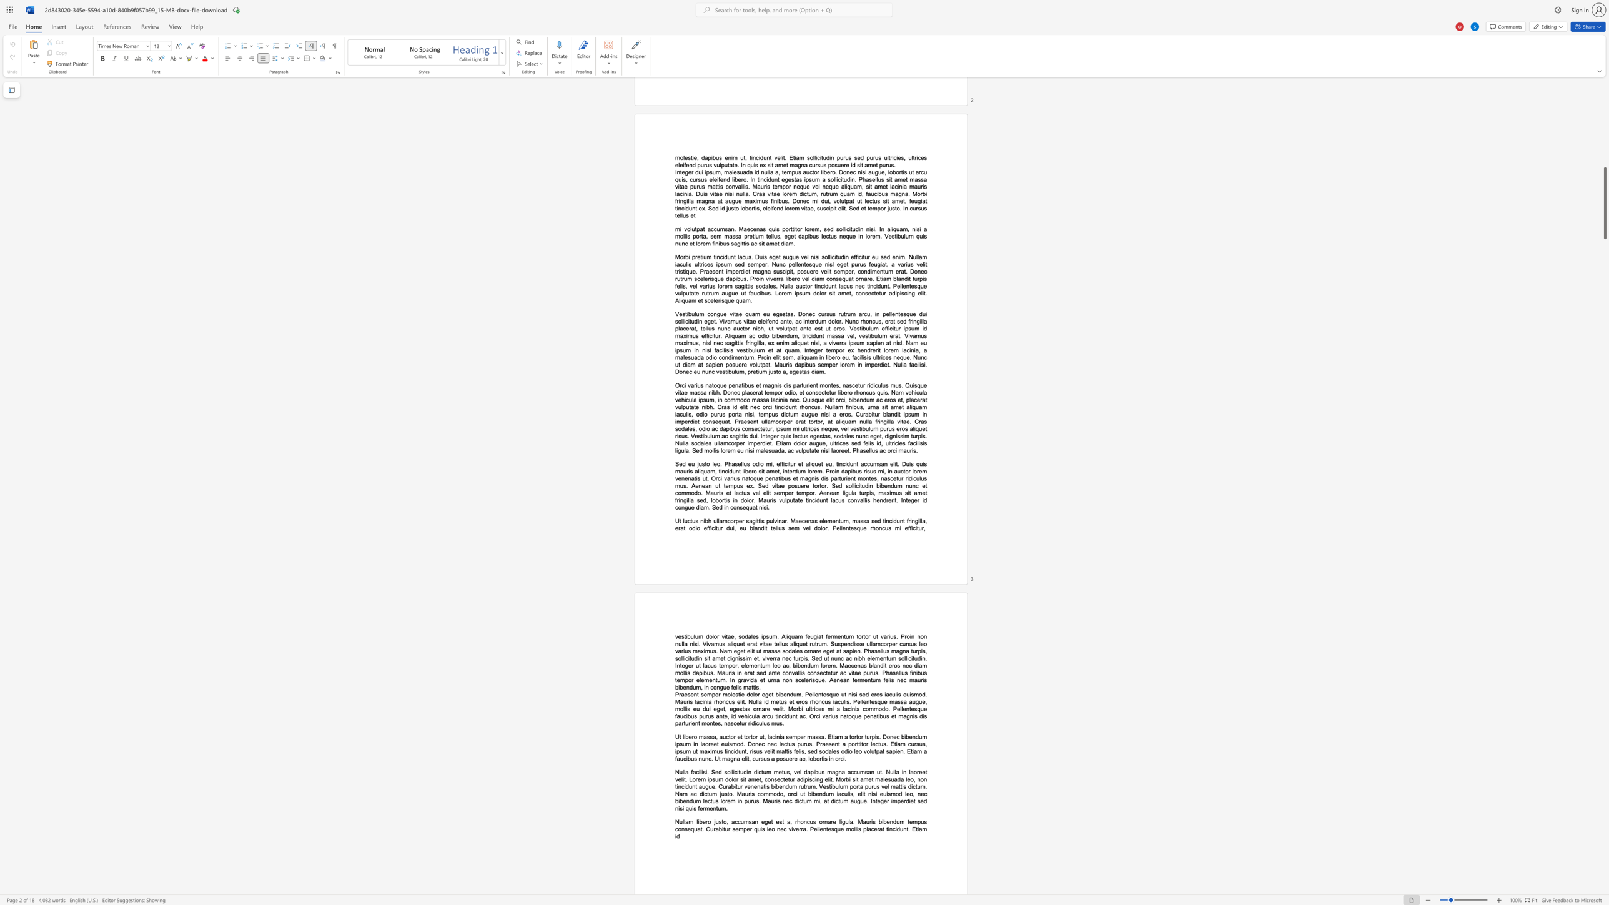 The height and width of the screenshot is (905, 1609). Describe the element at coordinates (775, 644) in the screenshot. I see `the subset text "ellus aliquet rutrum. Suspe" within the text "vestibulum dolor vitae, sodales ipsum. Aliquam feugiat fermentum tortor ut varius. Proin non nulla nisi. Vivamus aliquet erat vitae tellus aliquet rutrum. Suspendisse ullamcorper cursus leo varius maximus. Nam eget elit ut massa sodales ornare eget at sapien. Phasellus magna turpis, sollicitudin sit amet dignissim et, viverra nec turpis. Sed ut nunc ac nibh elementum sollicitudin. Integer ut lacus tempor, elementum leo ac, bibendum lorem. Maecenas blandit eros nec diam mollis dapibus. Mauris in erat sed ante convallis consectetur ac vitae purus. Phasellus finibus tempor elementum. In gravida et urna non scelerisque. Aenean fermentum felis nec mauris bibendum, in congue felis mattis."` at that location.